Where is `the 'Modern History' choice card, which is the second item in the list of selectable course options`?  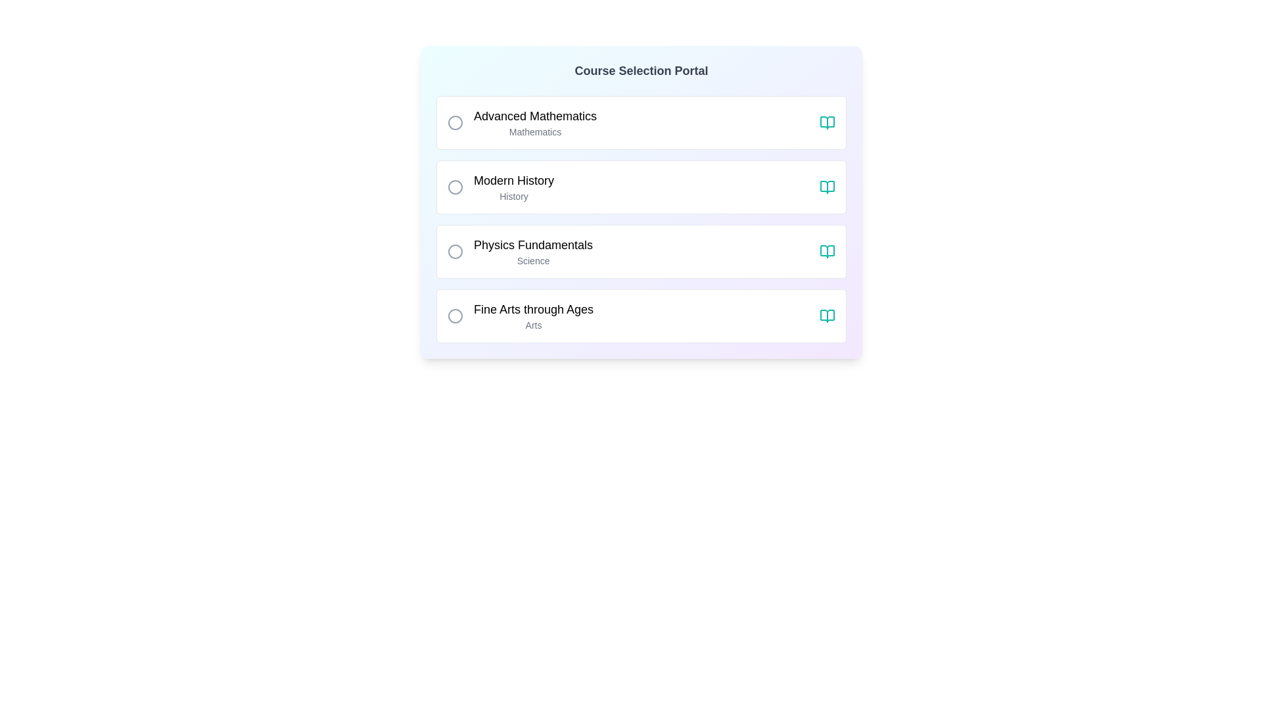 the 'Modern History' choice card, which is the second item in the list of selectable course options is located at coordinates (641, 187).